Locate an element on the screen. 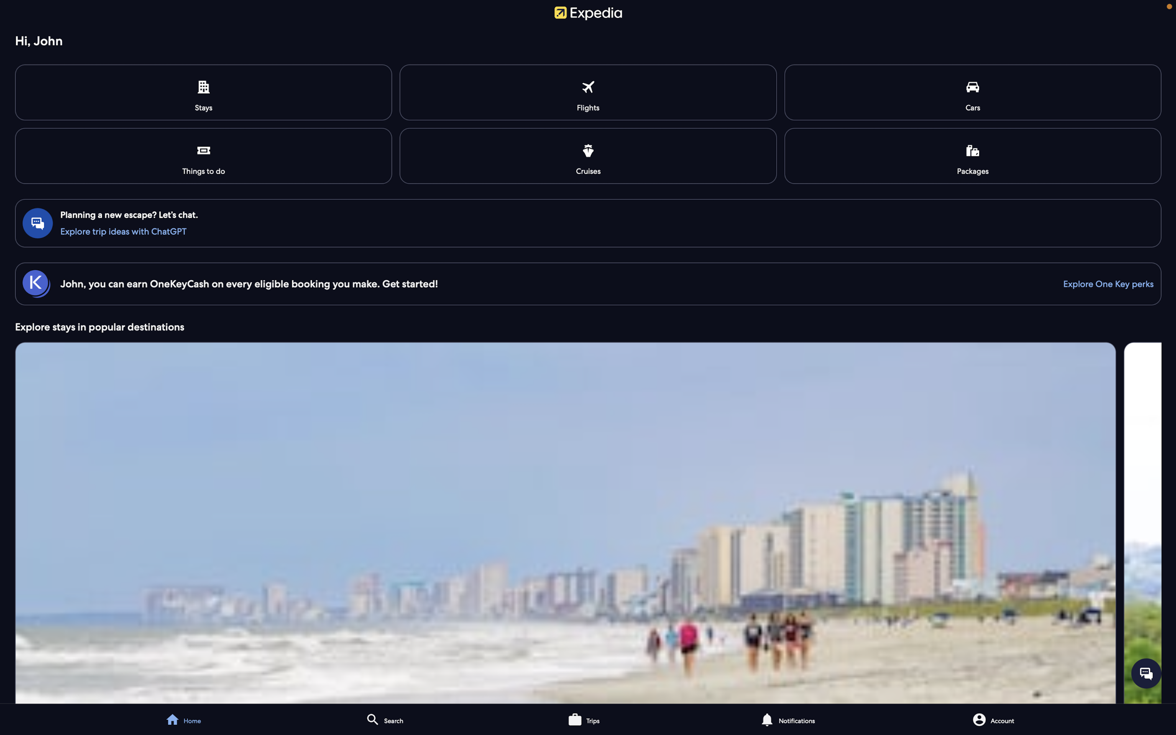  the home page is located at coordinates (190, 717).